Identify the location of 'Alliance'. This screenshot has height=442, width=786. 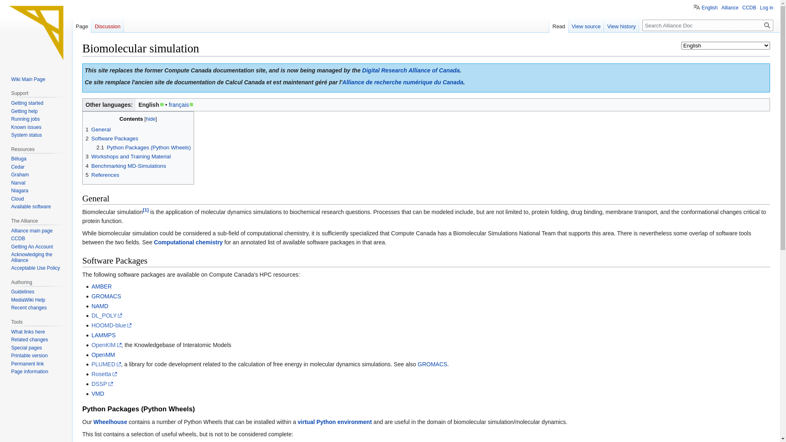
(730, 8).